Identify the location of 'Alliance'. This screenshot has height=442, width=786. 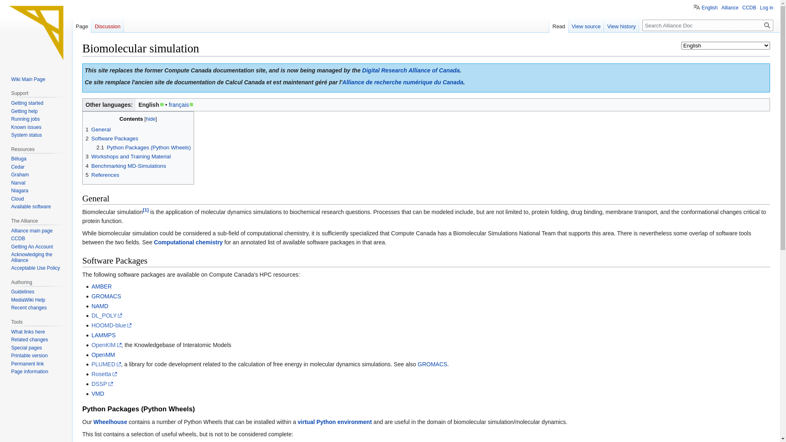
(730, 8).